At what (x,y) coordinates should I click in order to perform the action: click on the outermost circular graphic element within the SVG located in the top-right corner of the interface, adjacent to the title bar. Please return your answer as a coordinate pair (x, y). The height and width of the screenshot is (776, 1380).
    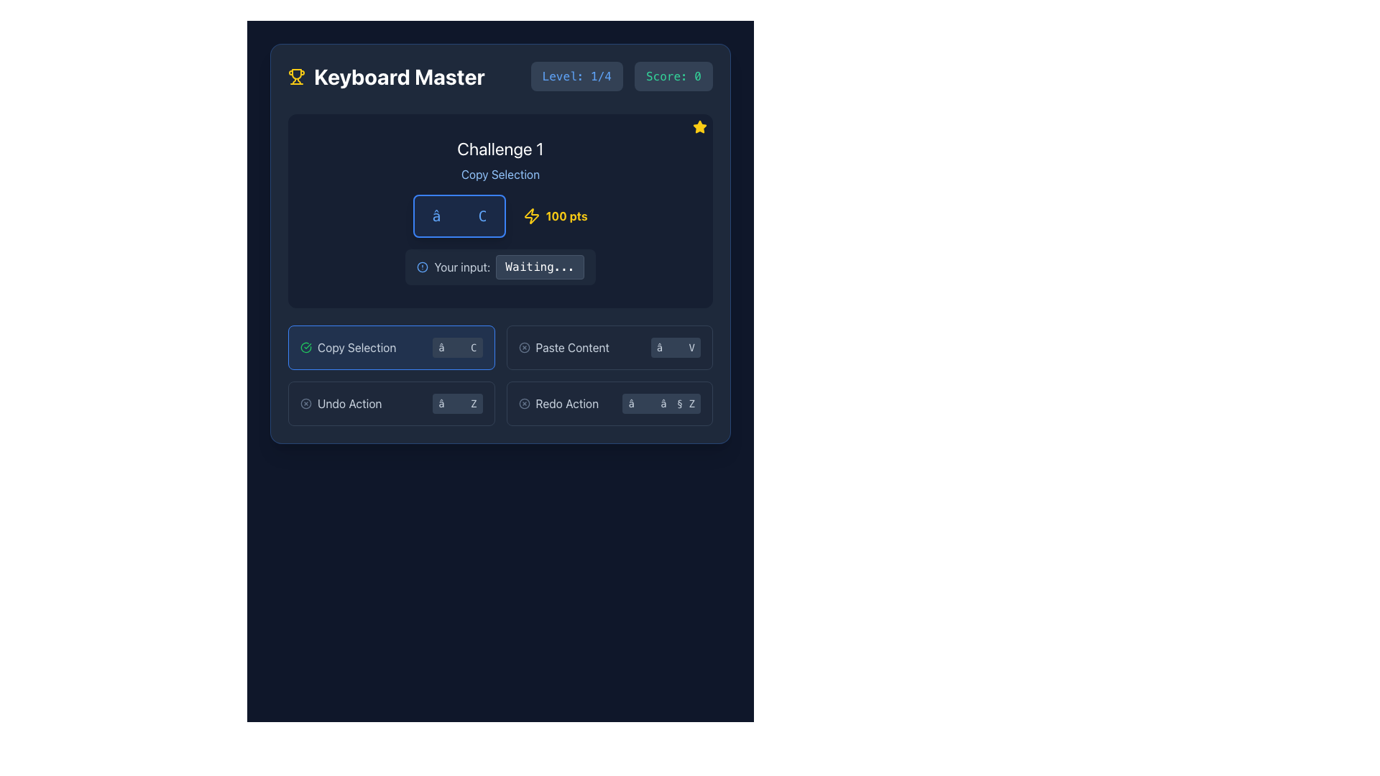
    Looking at the image, I should click on (523, 347).